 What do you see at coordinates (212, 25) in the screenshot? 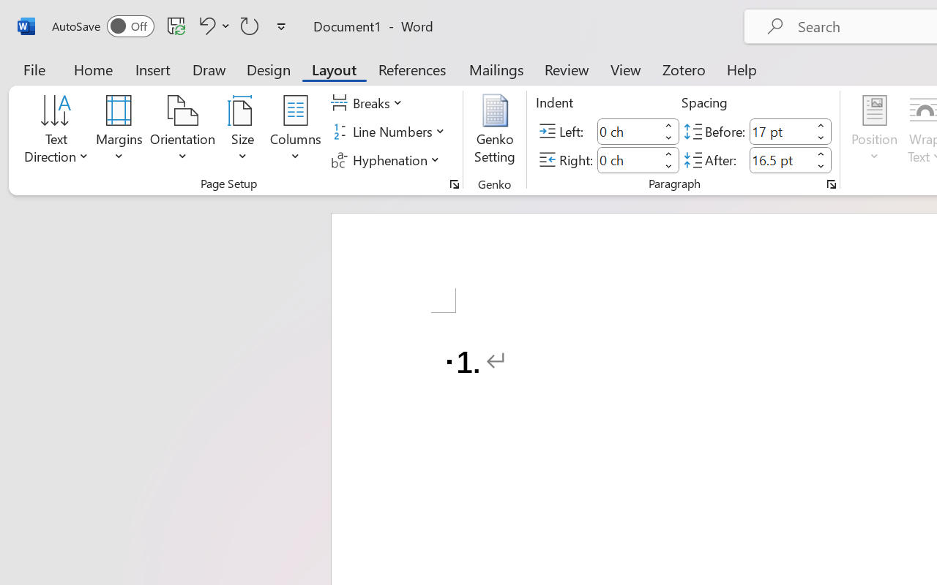
I see `'Undo Number Default'` at bounding box center [212, 25].